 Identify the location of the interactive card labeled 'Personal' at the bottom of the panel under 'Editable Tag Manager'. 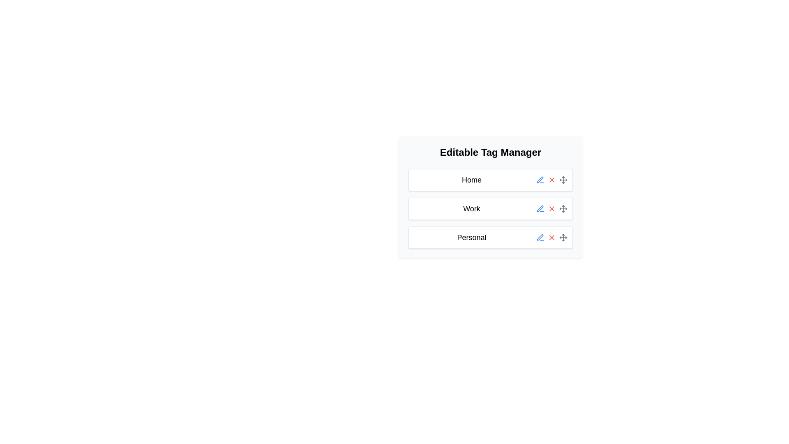
(491, 238).